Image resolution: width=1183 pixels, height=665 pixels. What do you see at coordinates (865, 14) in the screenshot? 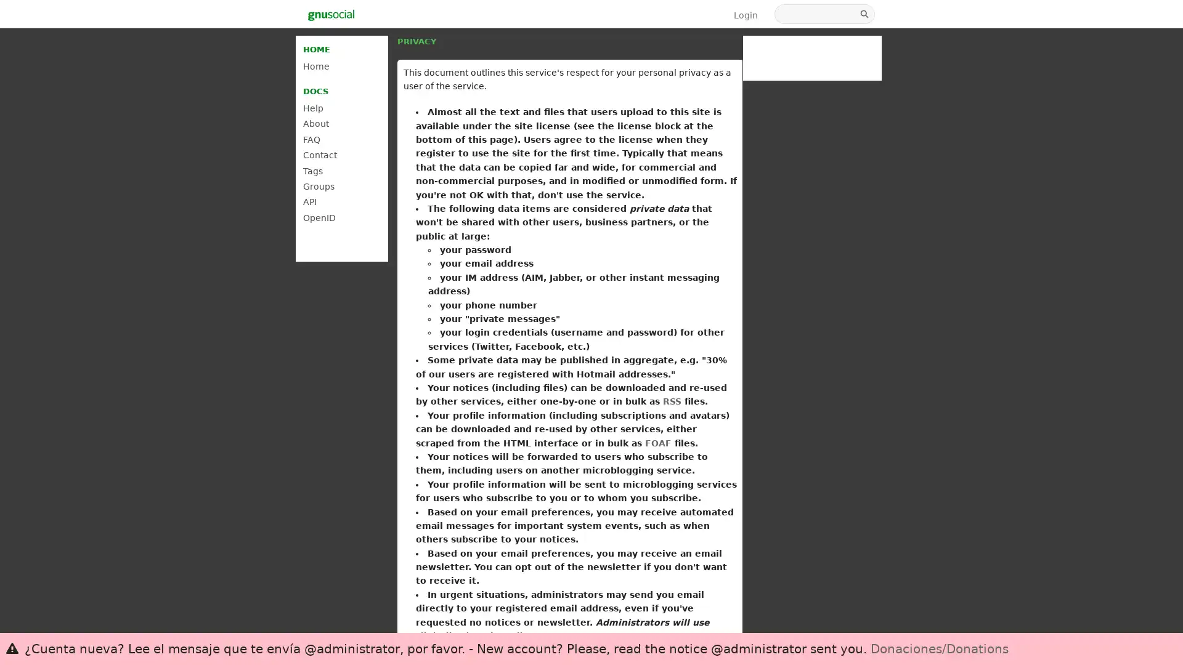
I see `Search` at bounding box center [865, 14].